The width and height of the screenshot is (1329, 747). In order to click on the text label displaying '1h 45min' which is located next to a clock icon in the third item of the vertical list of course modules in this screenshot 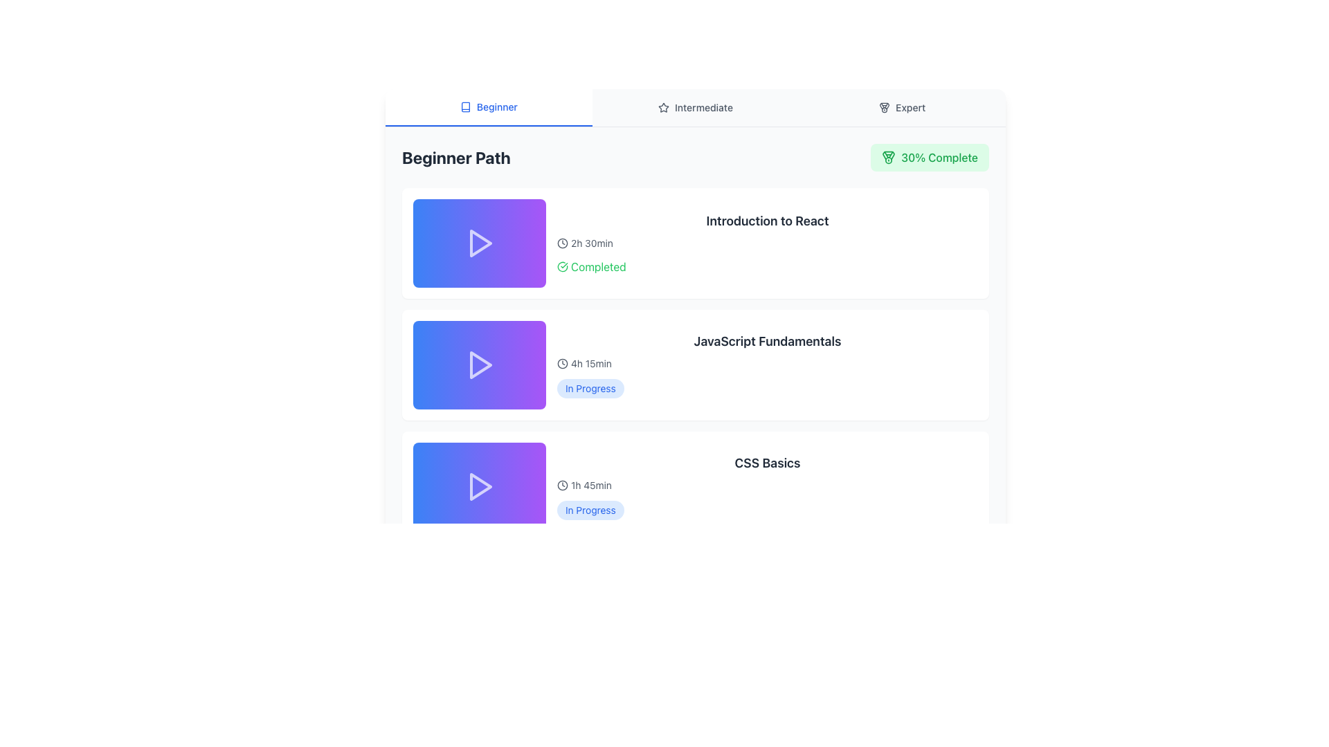, I will do `click(591, 485)`.